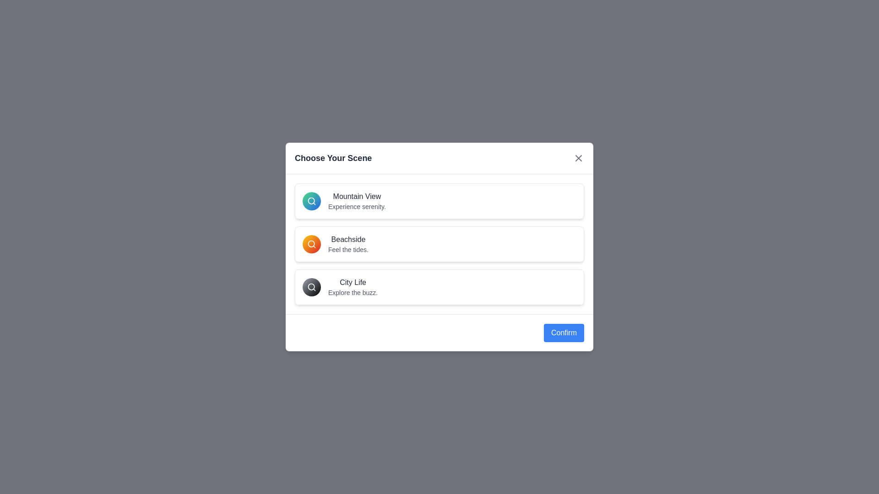  I want to click on the item Beachside from the list, so click(439, 243).